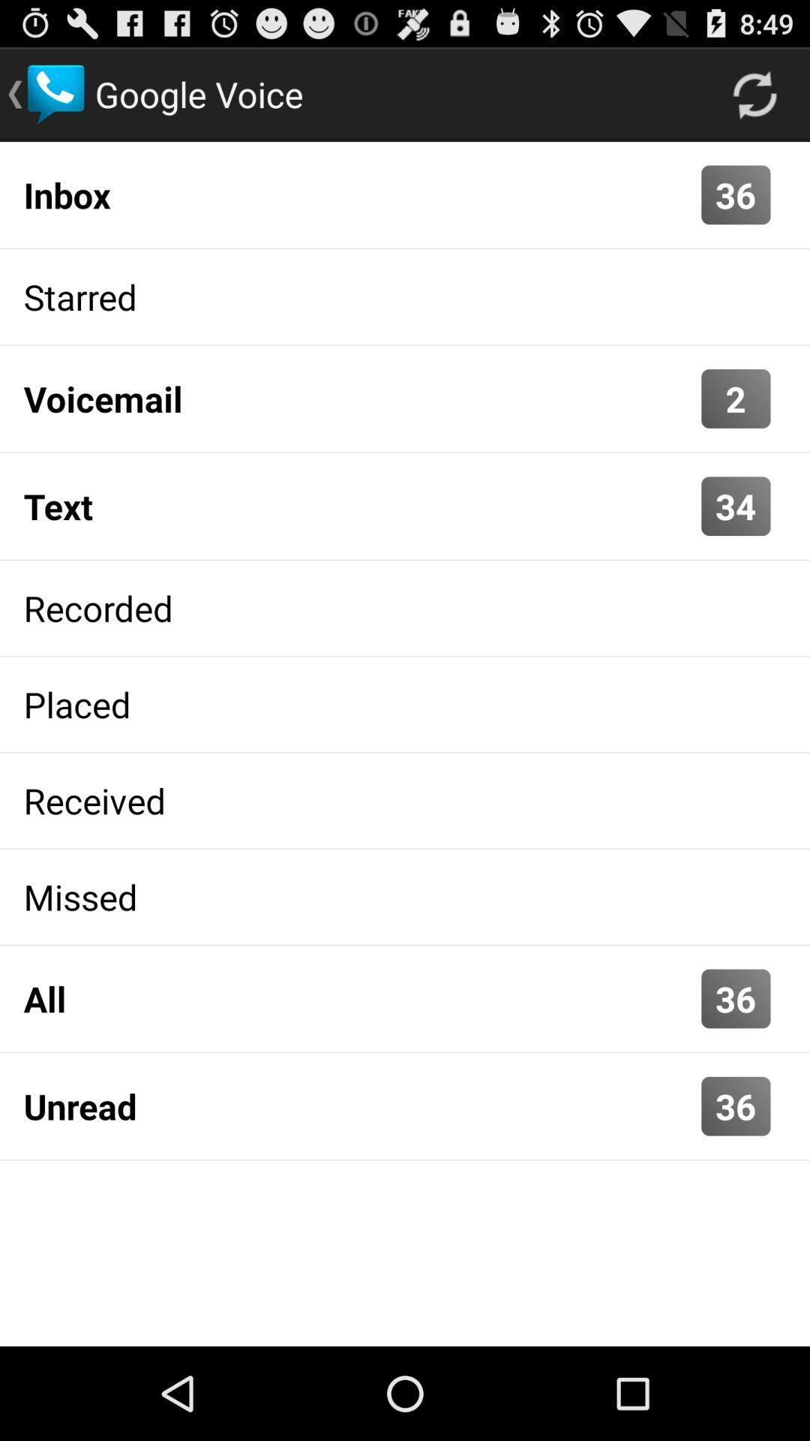  Describe the element at coordinates (405, 703) in the screenshot. I see `the app above received` at that location.